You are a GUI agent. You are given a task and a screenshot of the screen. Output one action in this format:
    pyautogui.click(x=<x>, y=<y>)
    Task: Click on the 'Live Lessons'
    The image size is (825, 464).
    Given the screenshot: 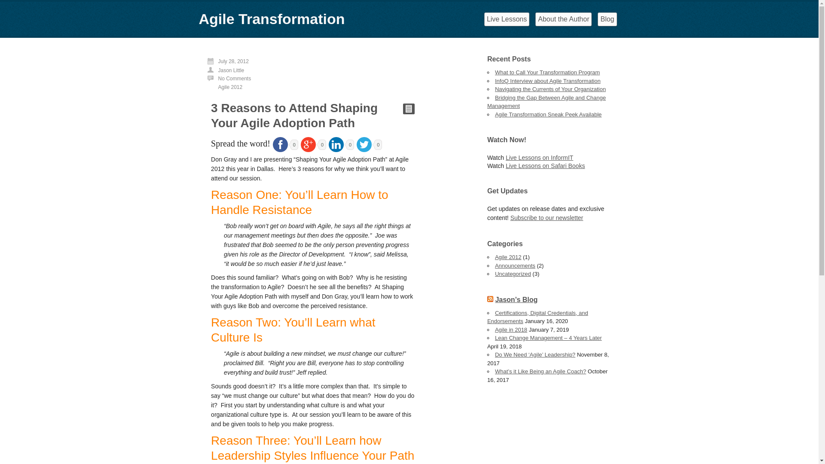 What is the action you would take?
    pyautogui.click(x=507, y=19)
    